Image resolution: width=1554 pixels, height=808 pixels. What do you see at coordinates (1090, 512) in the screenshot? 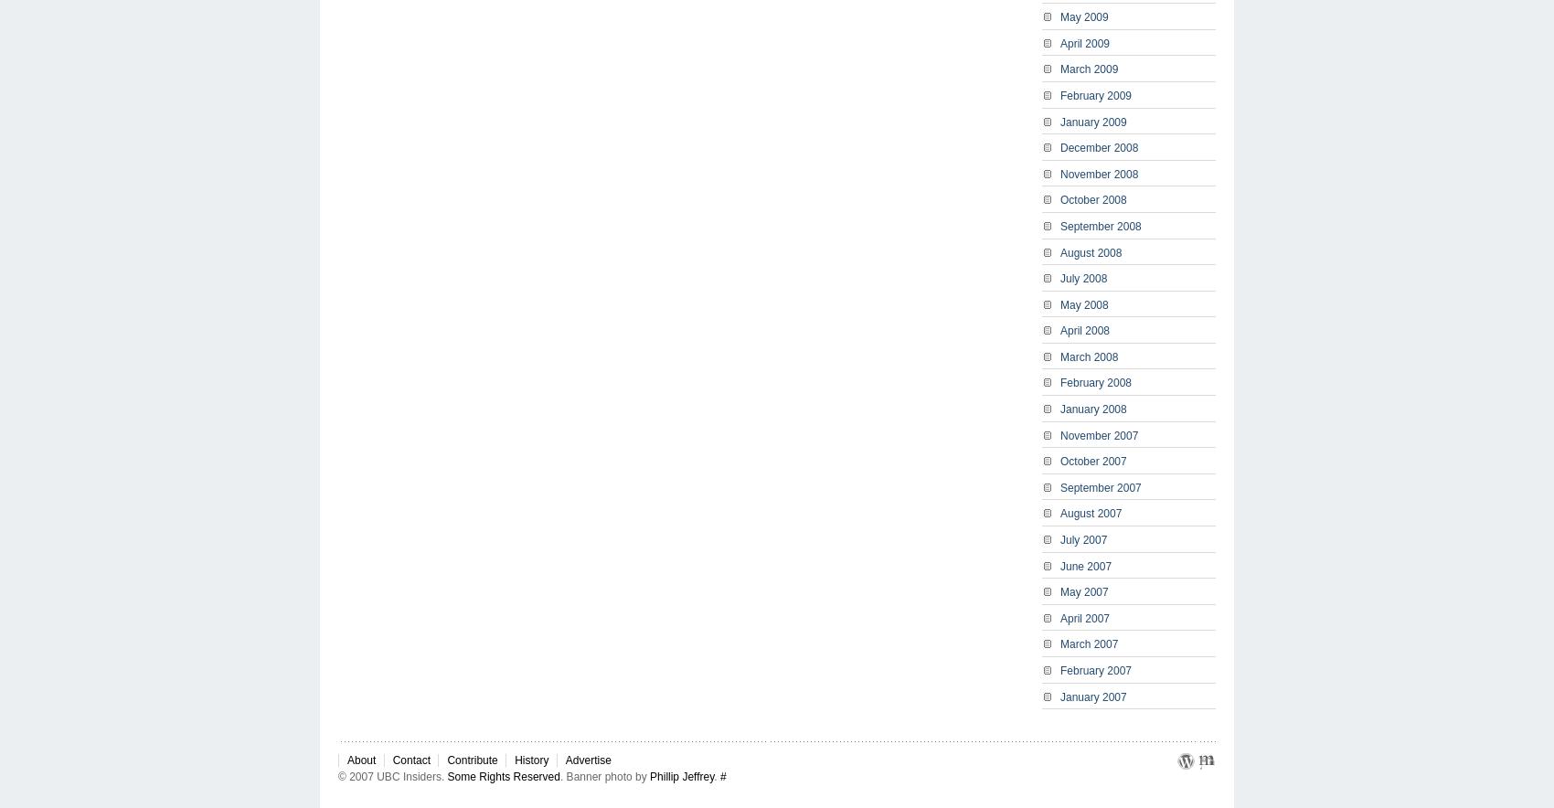
I see `'August 2007'` at bounding box center [1090, 512].